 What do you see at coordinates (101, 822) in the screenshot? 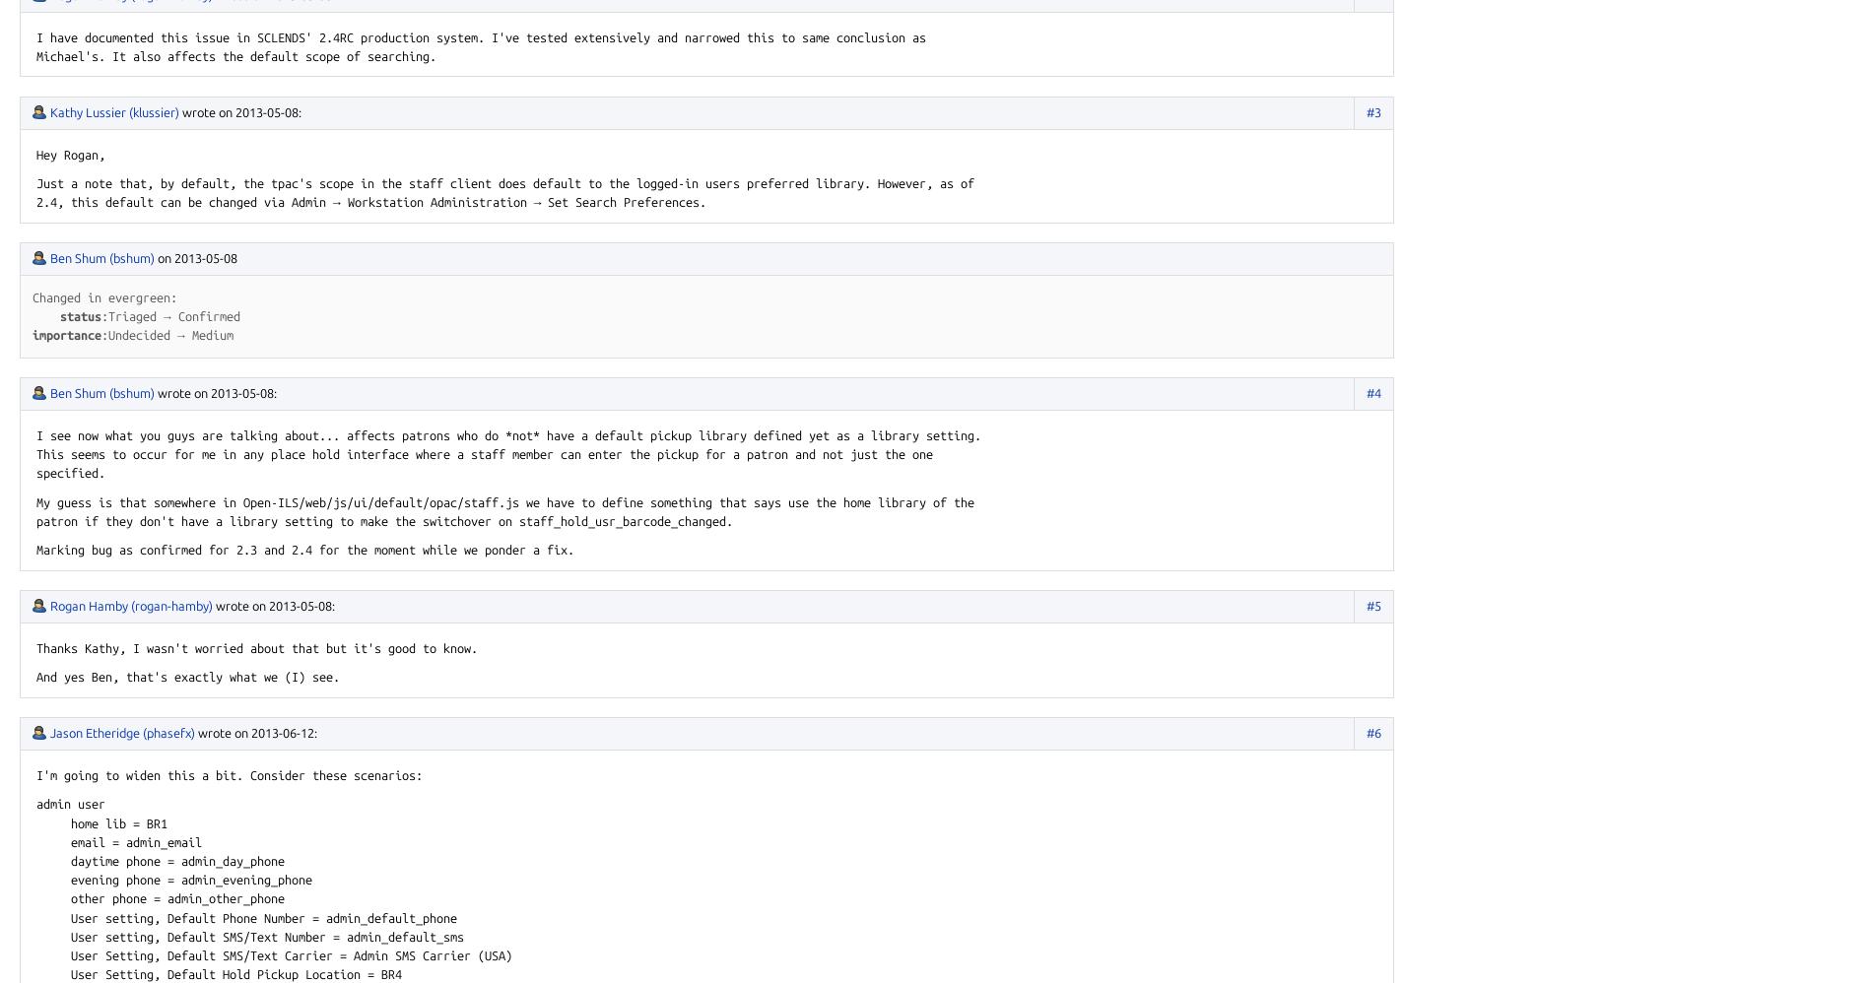
I see `'home lib = BR1'` at bounding box center [101, 822].